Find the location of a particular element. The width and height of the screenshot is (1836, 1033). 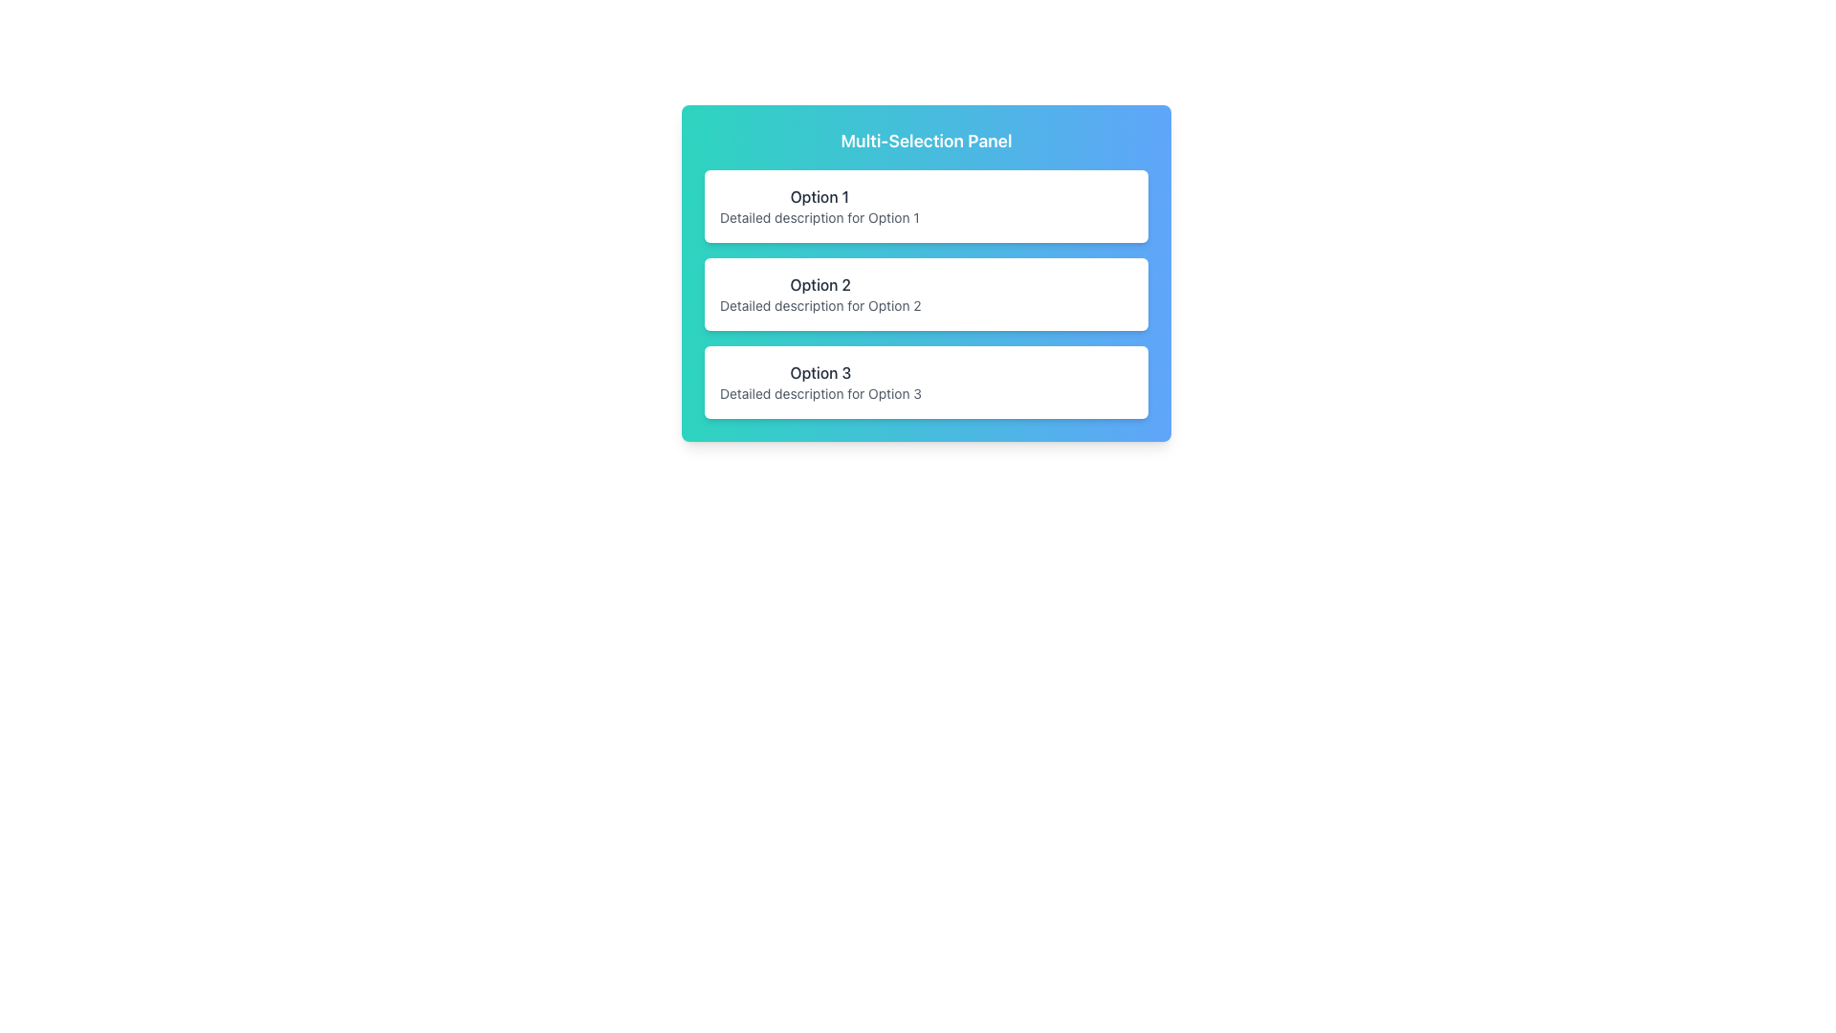

the selectable Text label located in the bottommost panel of a vertically stacked list, directly above the description for Option 3 is located at coordinates (820, 372).